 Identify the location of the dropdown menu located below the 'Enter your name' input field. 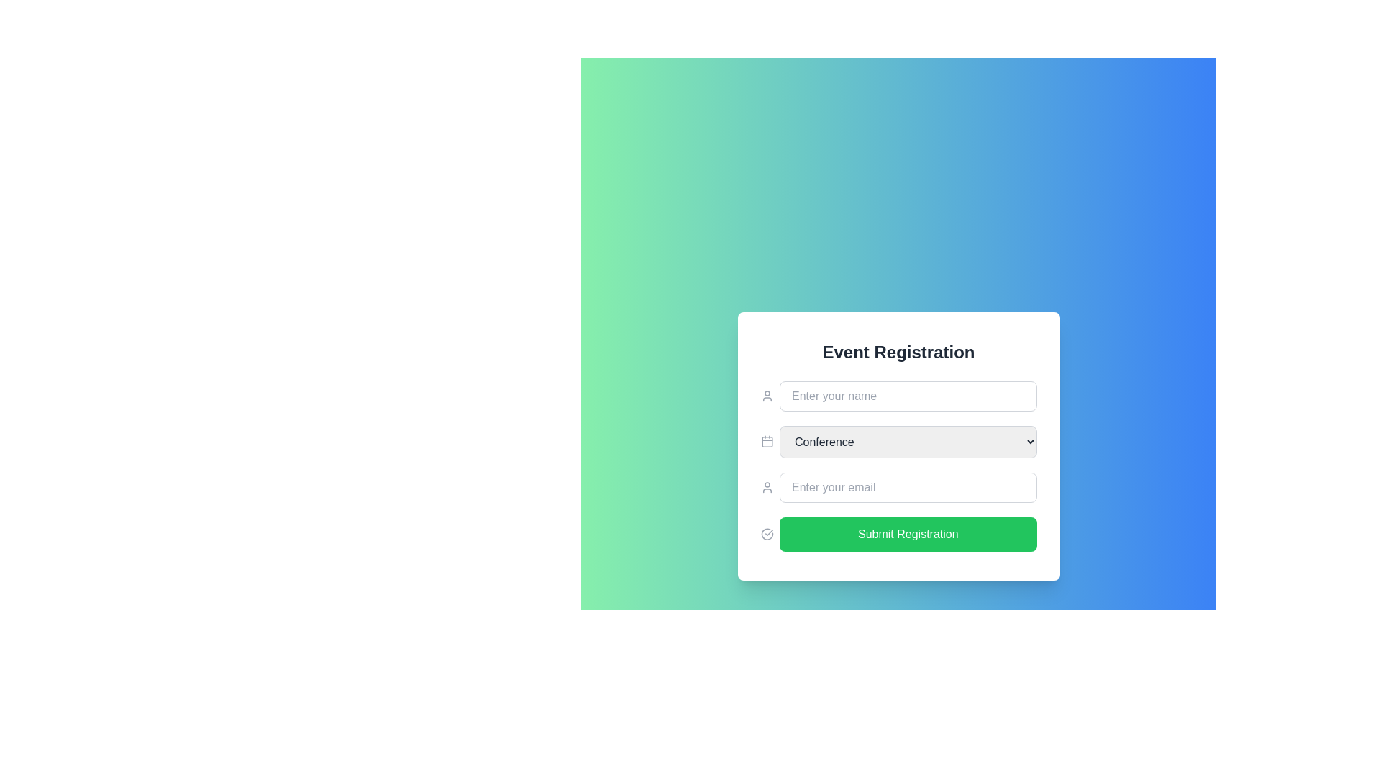
(898, 466).